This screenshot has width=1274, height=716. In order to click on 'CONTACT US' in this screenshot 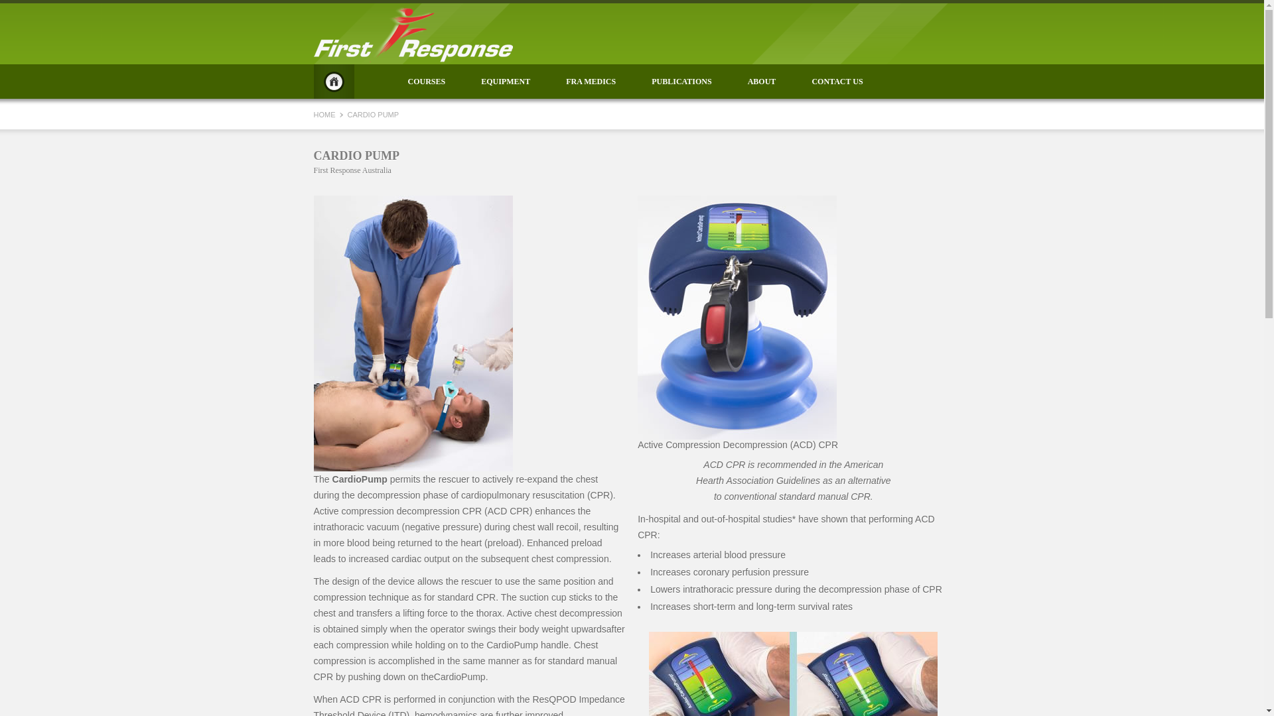, I will do `click(836, 82)`.